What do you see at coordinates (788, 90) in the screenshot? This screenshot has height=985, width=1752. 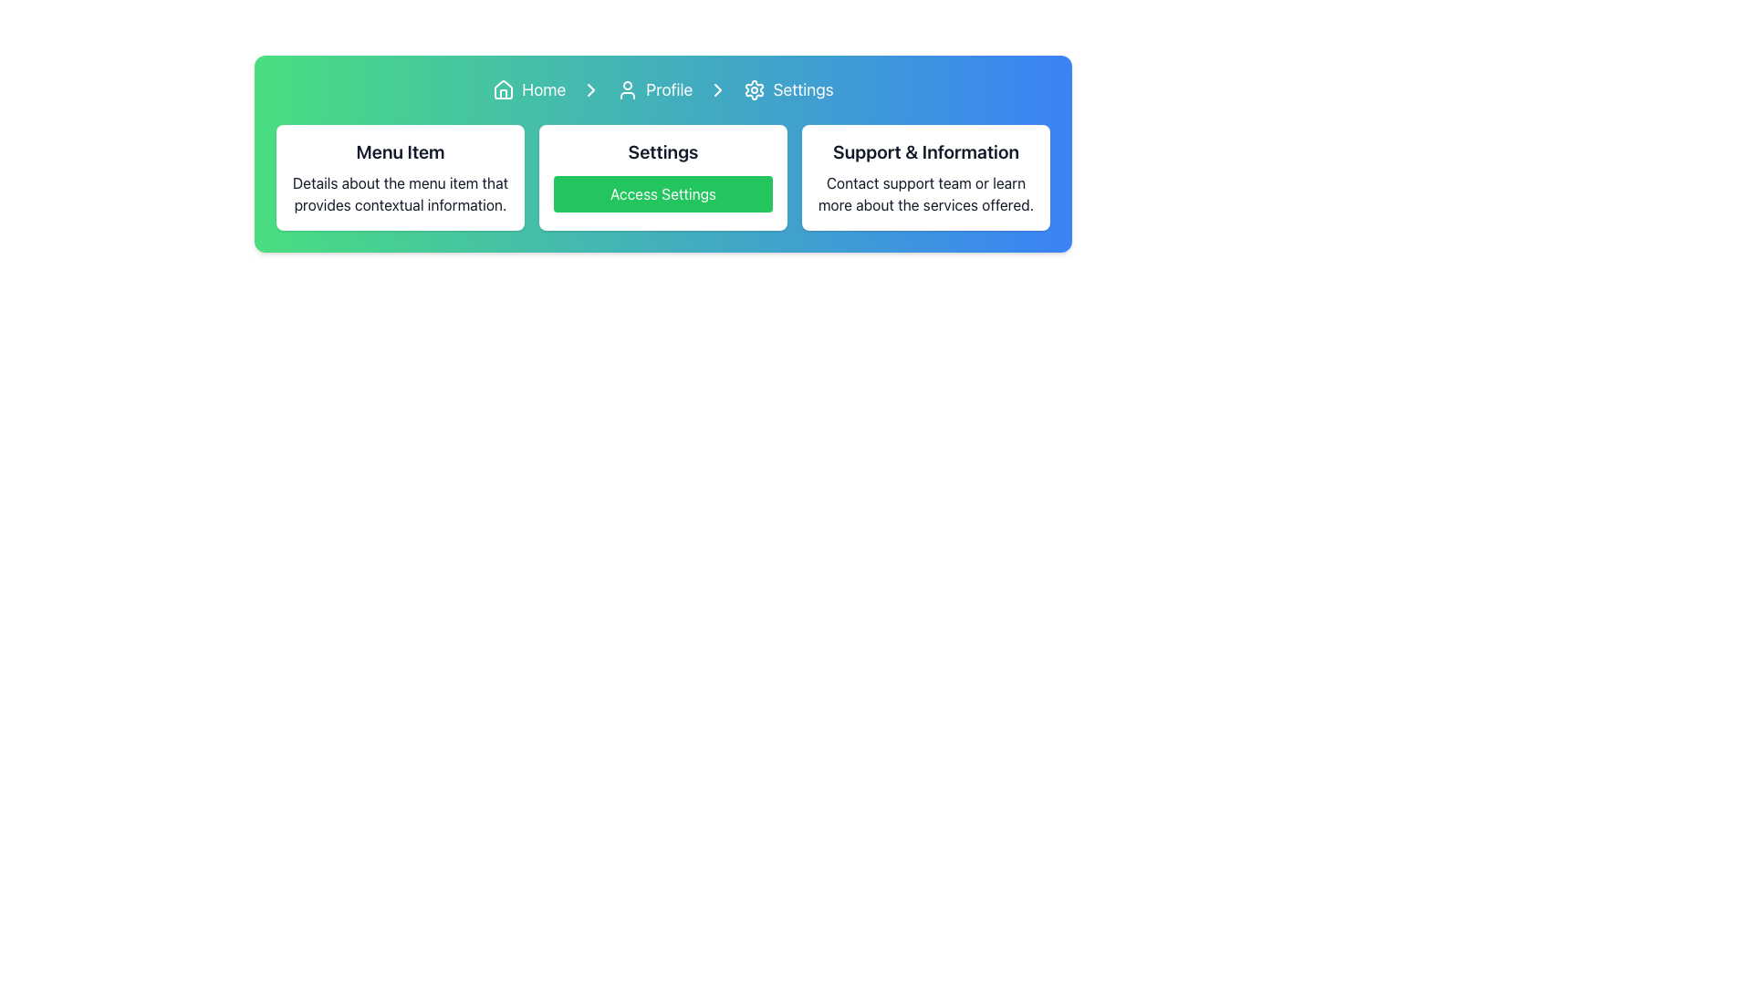 I see `the 'Settings' navigation link, which features a gear icon and is styled in white on a blue gradient background, to trigger the tooltip or highlight effect` at bounding box center [788, 90].